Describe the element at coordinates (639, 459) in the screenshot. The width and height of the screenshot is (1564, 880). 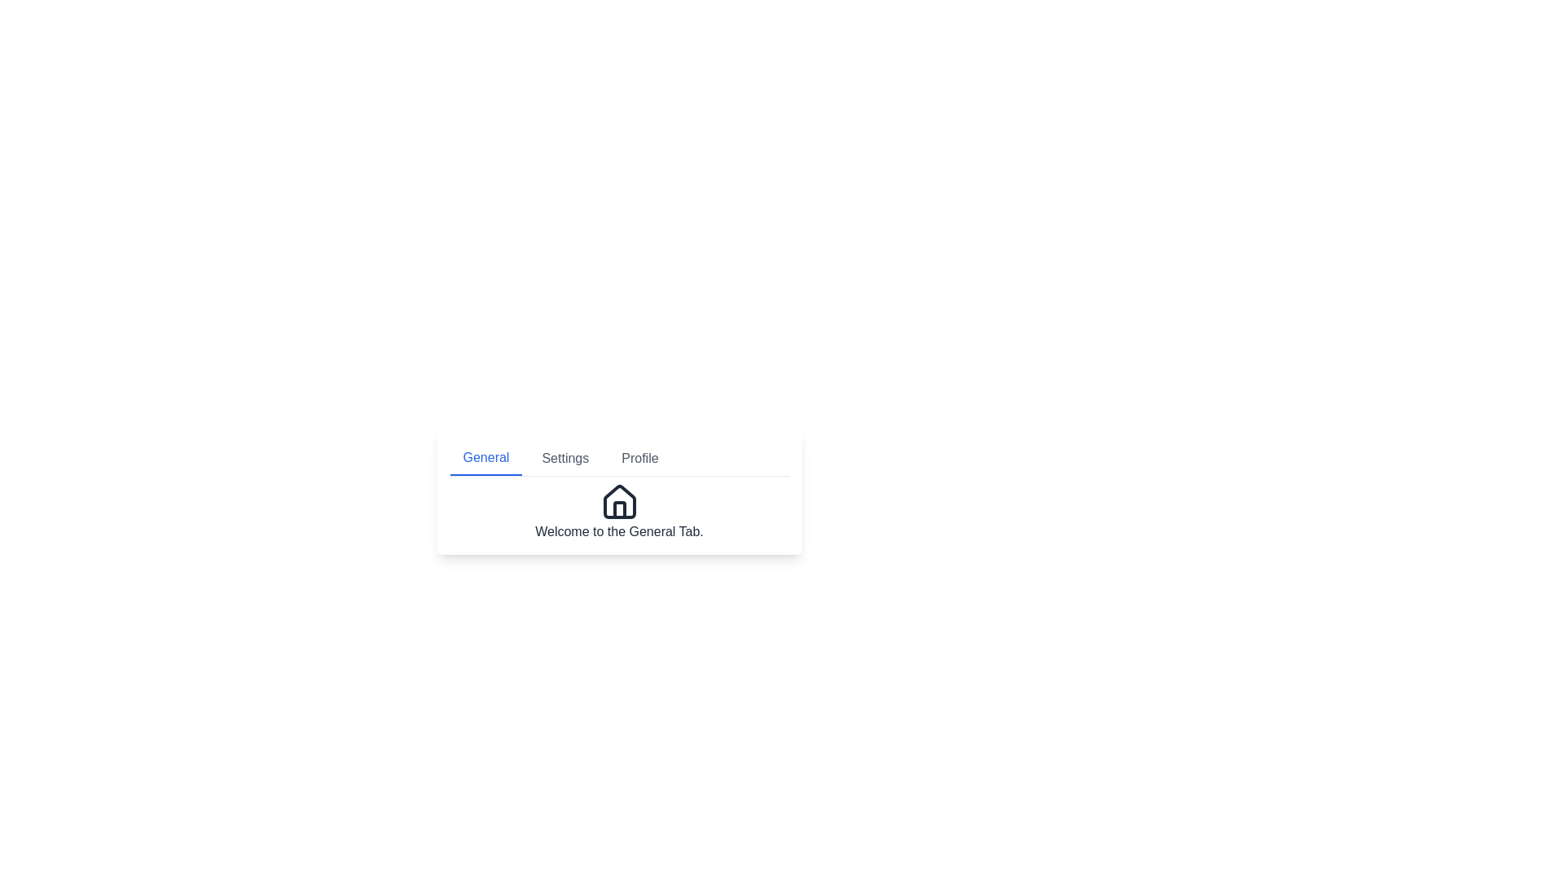
I see `the 'Profile' button, the third tab in the horizontal tab list` at that location.